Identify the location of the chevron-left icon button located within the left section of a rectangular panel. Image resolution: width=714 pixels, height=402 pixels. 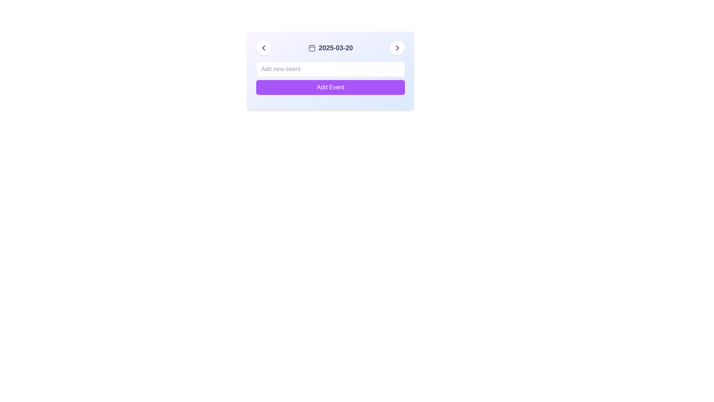
(264, 48).